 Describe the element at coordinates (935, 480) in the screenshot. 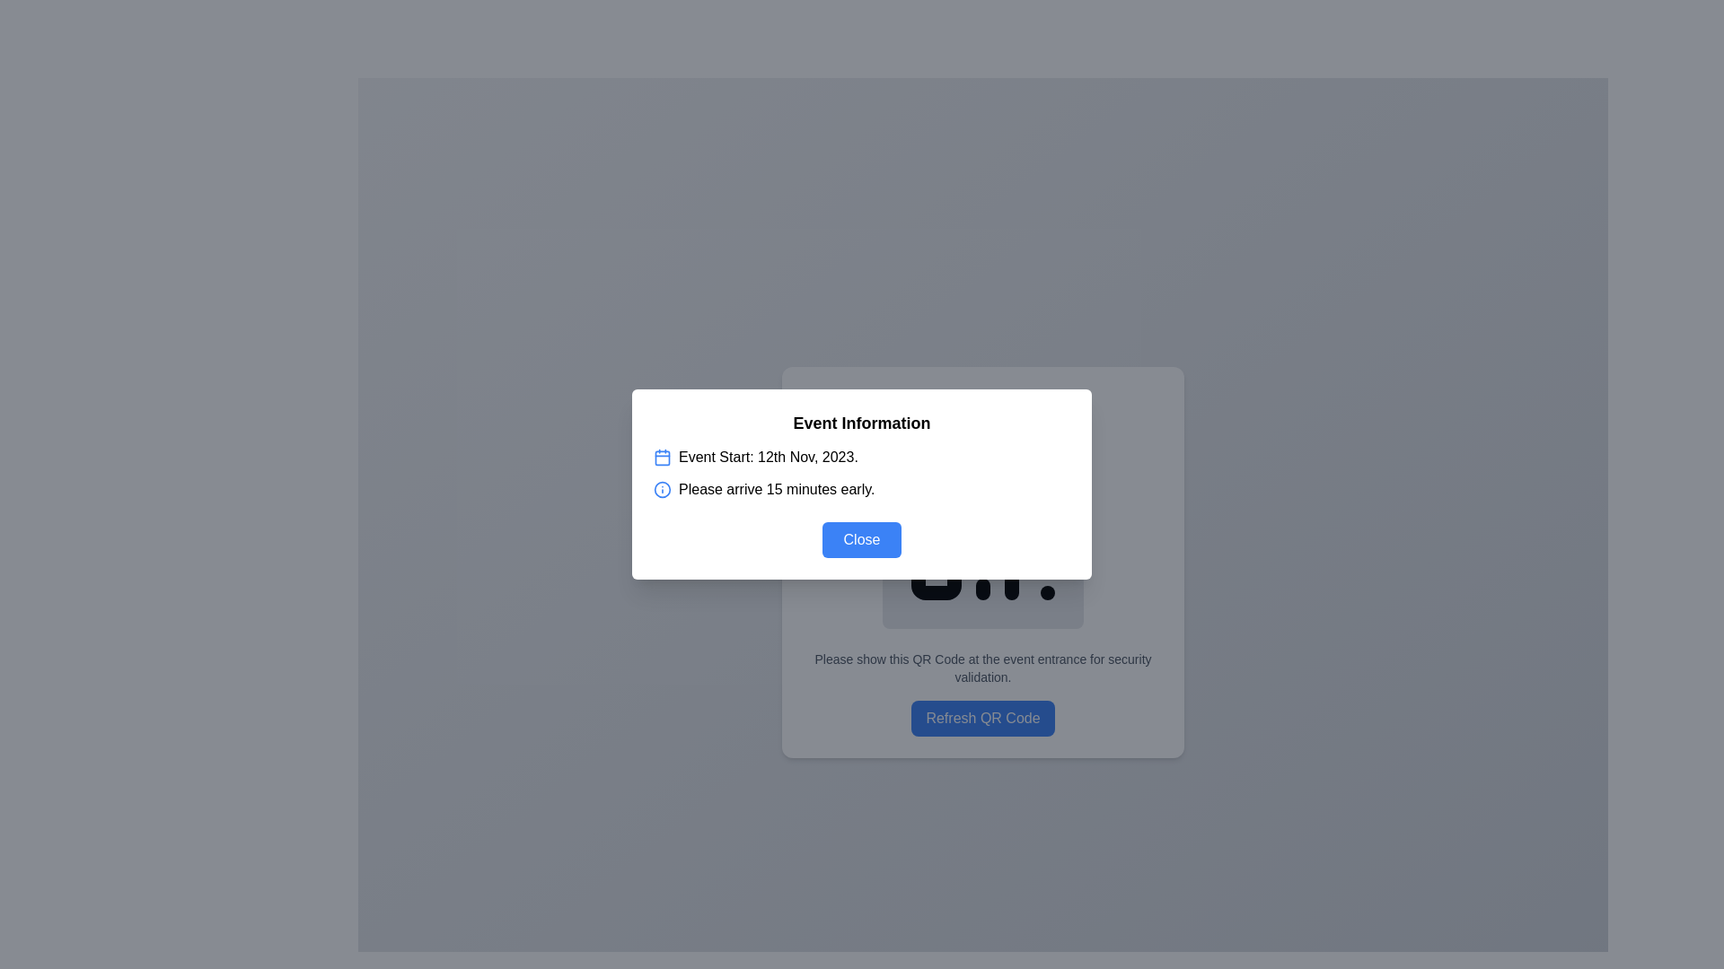

I see `the top-left corner square of the QR code, which is a small square with rounded corners and is positioned to the left of a similar square` at that location.